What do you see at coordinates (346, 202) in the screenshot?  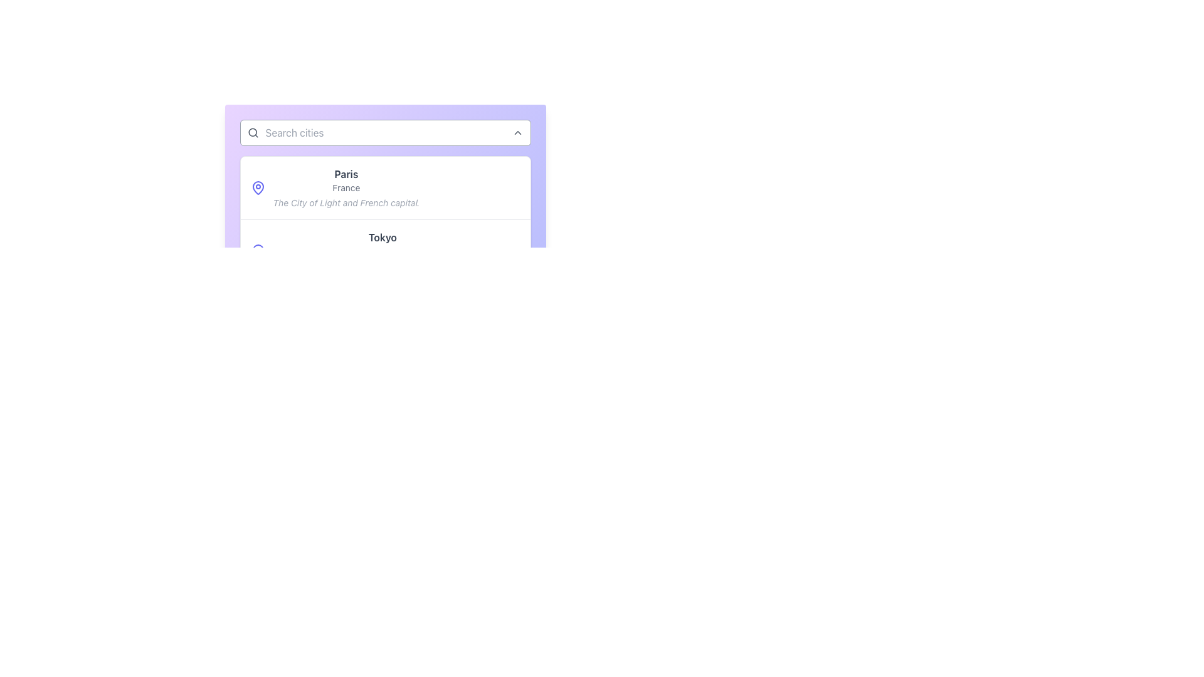 I see `the static text element that provides a descriptive note about 'Paris', located below the subtitle and centered in the main content area` at bounding box center [346, 202].